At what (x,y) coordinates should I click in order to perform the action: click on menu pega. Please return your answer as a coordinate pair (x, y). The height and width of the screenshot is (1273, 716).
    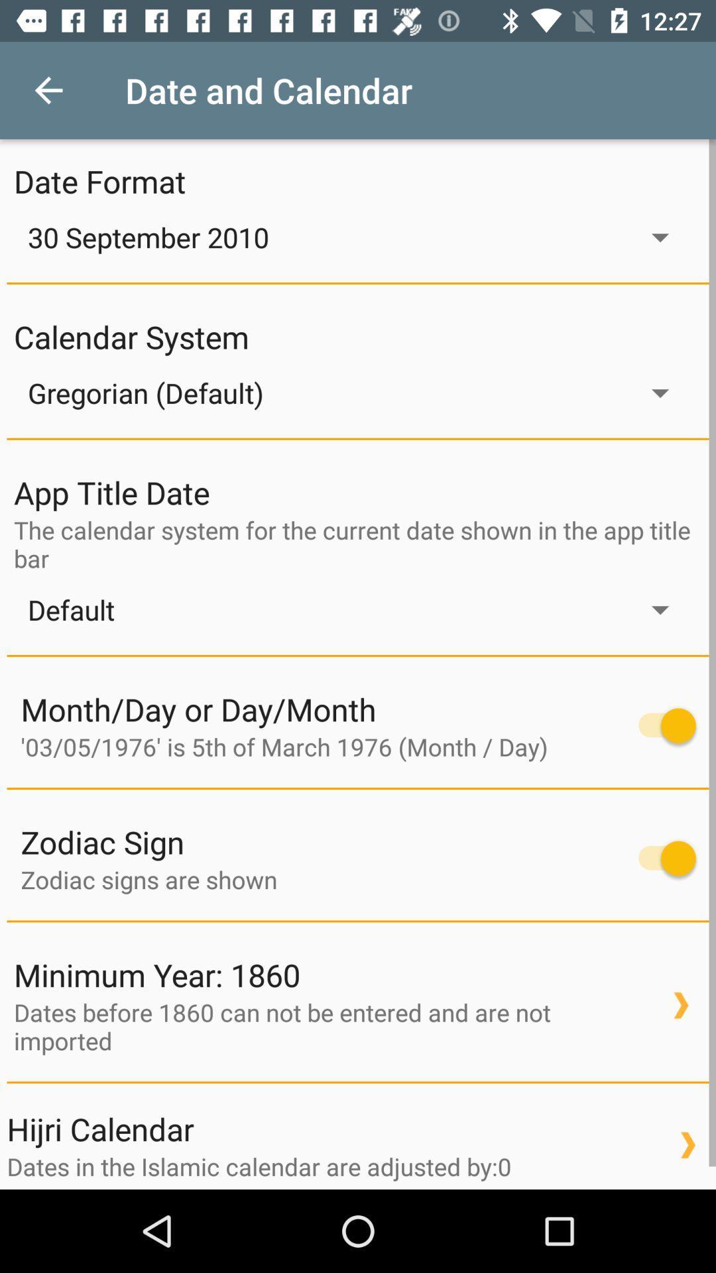
    Looking at the image, I should click on (660, 725).